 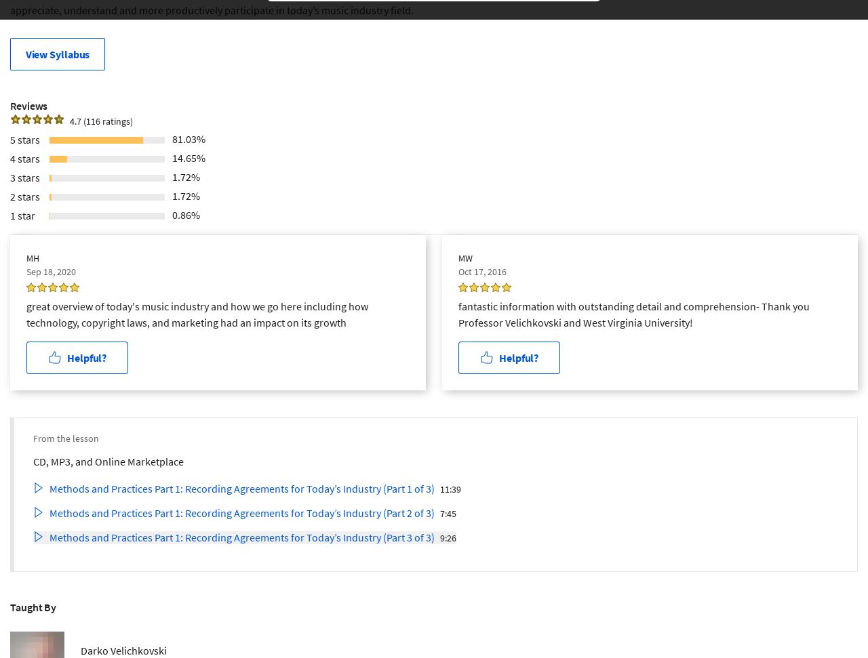 What do you see at coordinates (100, 119) in the screenshot?
I see `'4.7 (116 ratings)'` at bounding box center [100, 119].